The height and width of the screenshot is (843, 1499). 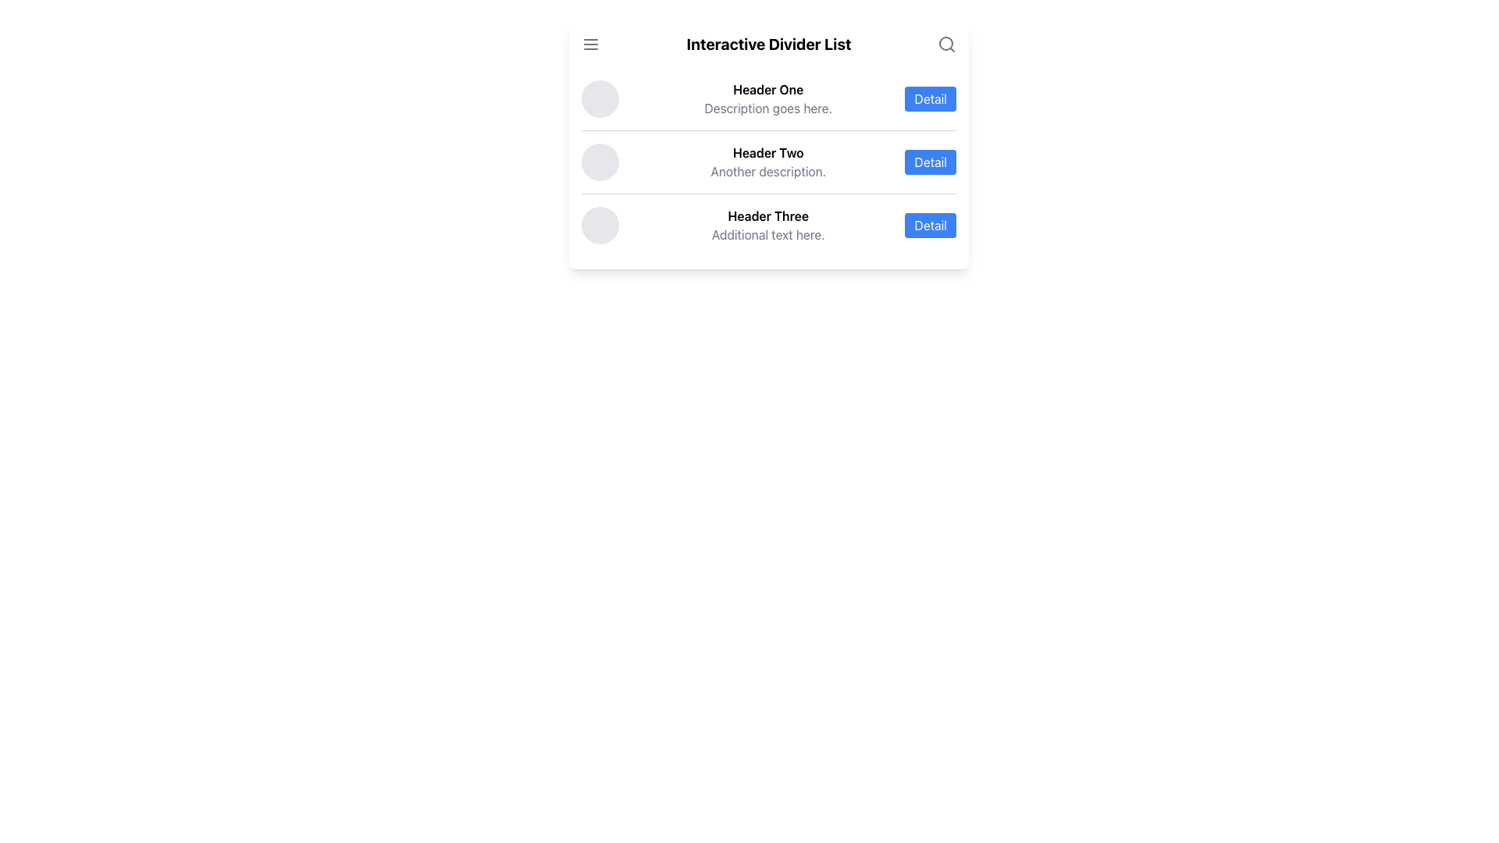 I want to click on the Circle graphic representing the search tool located in the top-right corner of the interface, adjacent to the 'Interactive Divider List' title, so click(x=945, y=43).